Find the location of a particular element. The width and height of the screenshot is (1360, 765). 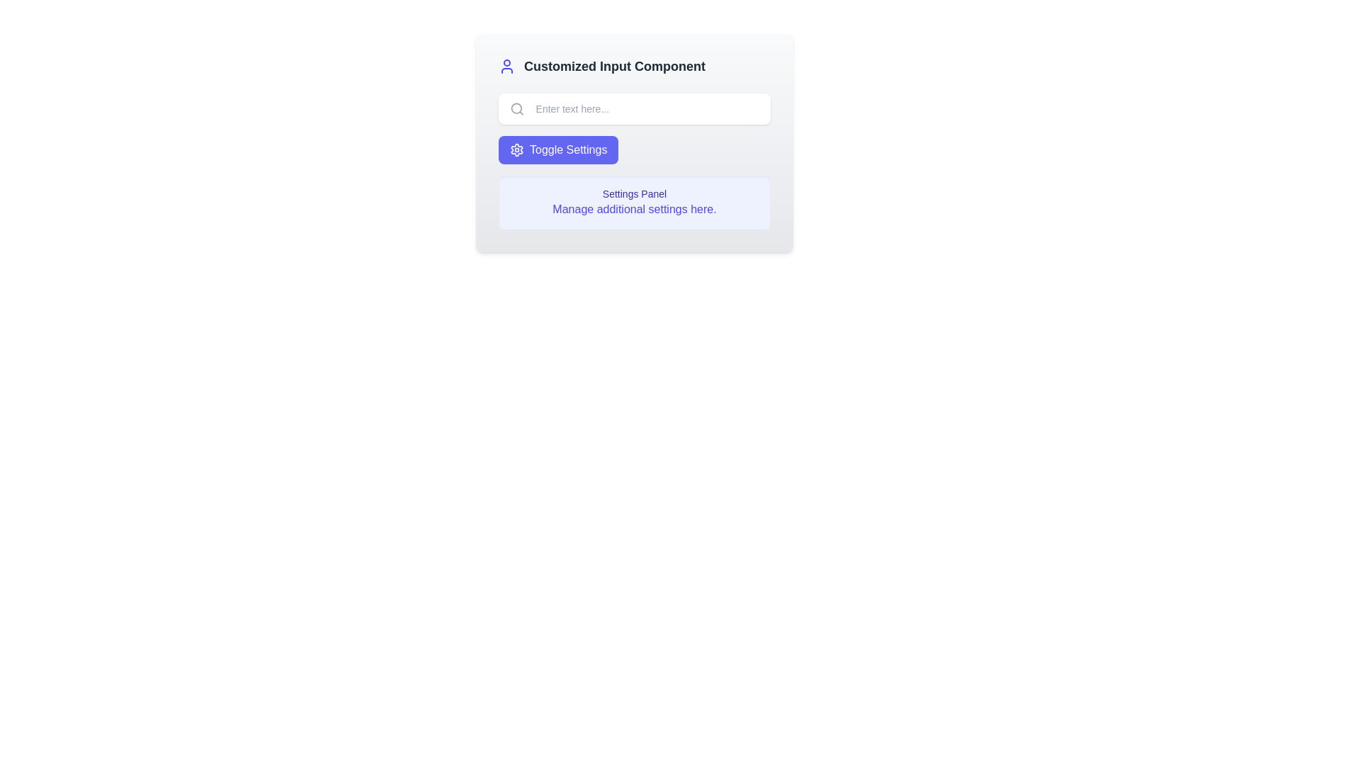

the text label that displays 'Settings Panel', which is styled in bold indigo-blue font and positioned above the label 'Manage additional settings here.' is located at coordinates (634, 193).